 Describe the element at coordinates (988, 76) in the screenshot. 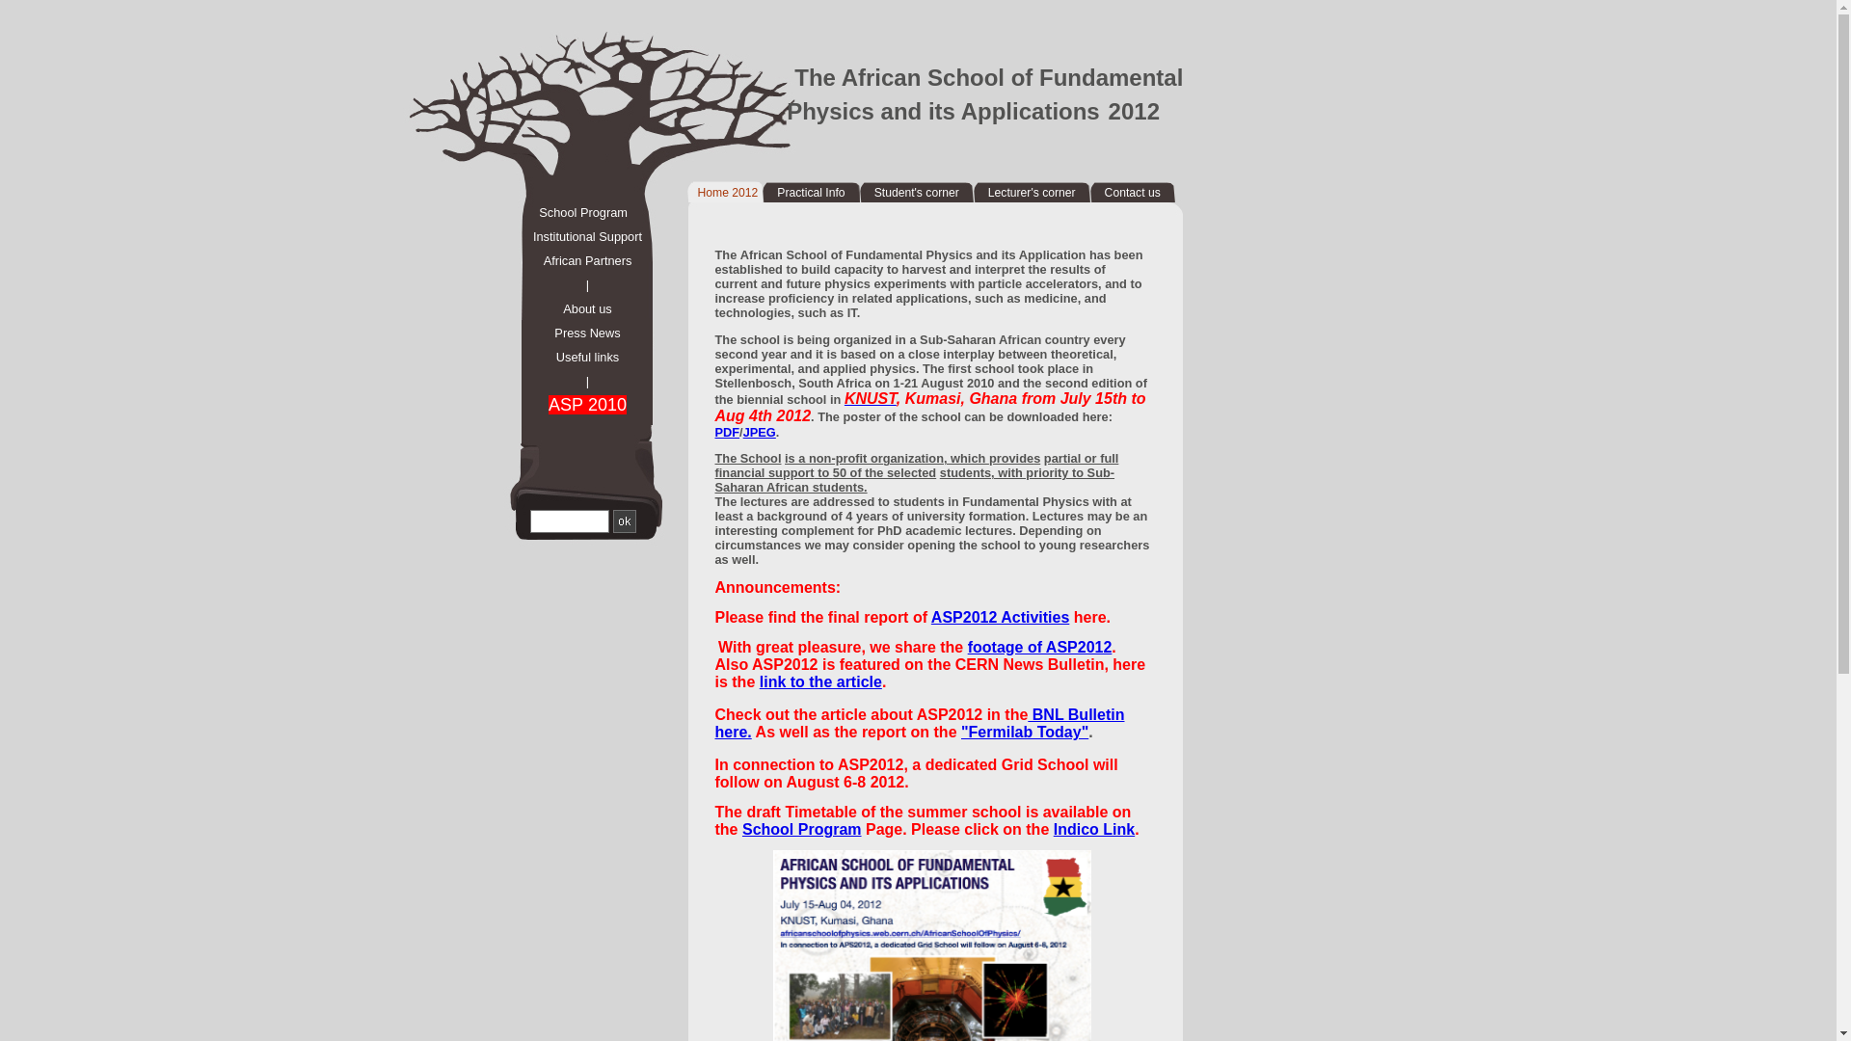

I see `'The African School of Fundamental'` at that location.